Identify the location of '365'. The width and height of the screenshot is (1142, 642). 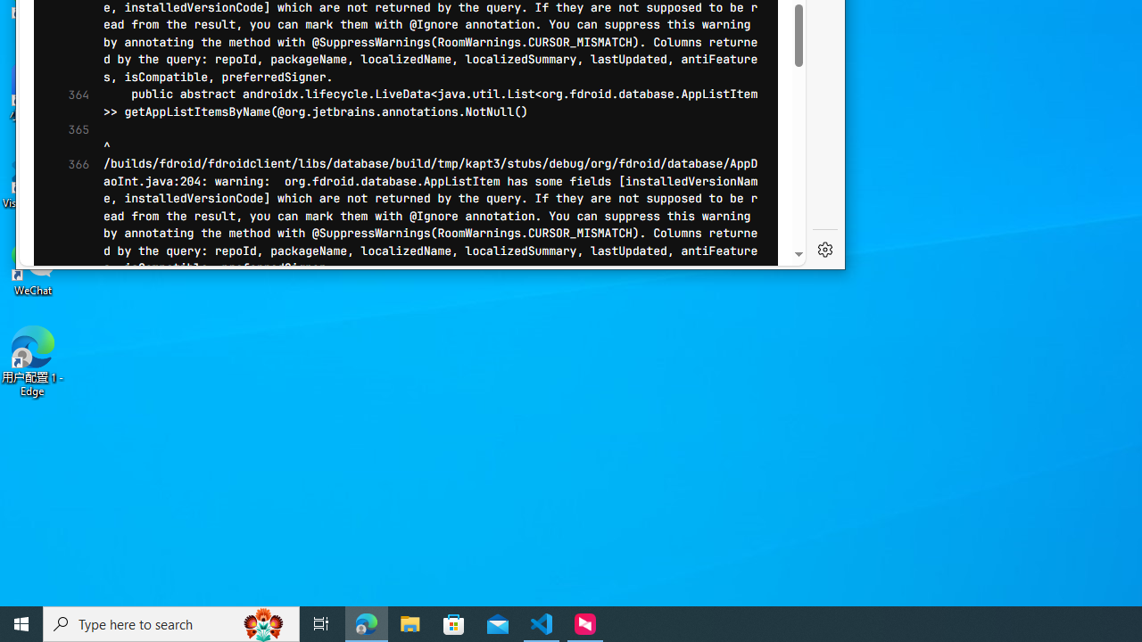
(72, 137).